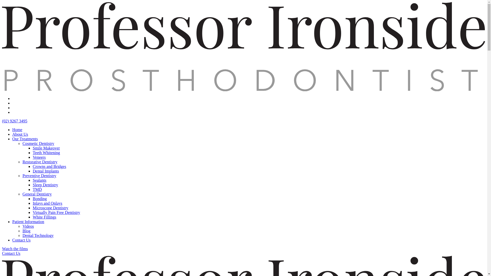  I want to click on 'Patient Information', so click(28, 221).